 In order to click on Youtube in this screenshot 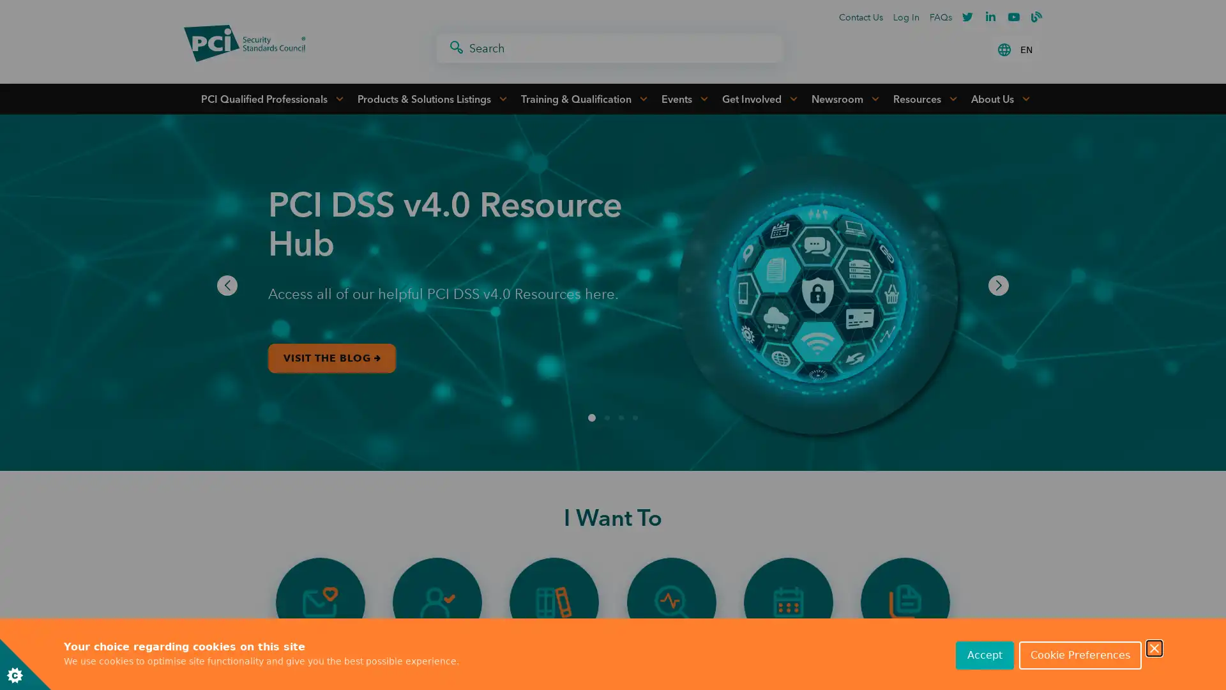, I will do `click(1013, 16)`.